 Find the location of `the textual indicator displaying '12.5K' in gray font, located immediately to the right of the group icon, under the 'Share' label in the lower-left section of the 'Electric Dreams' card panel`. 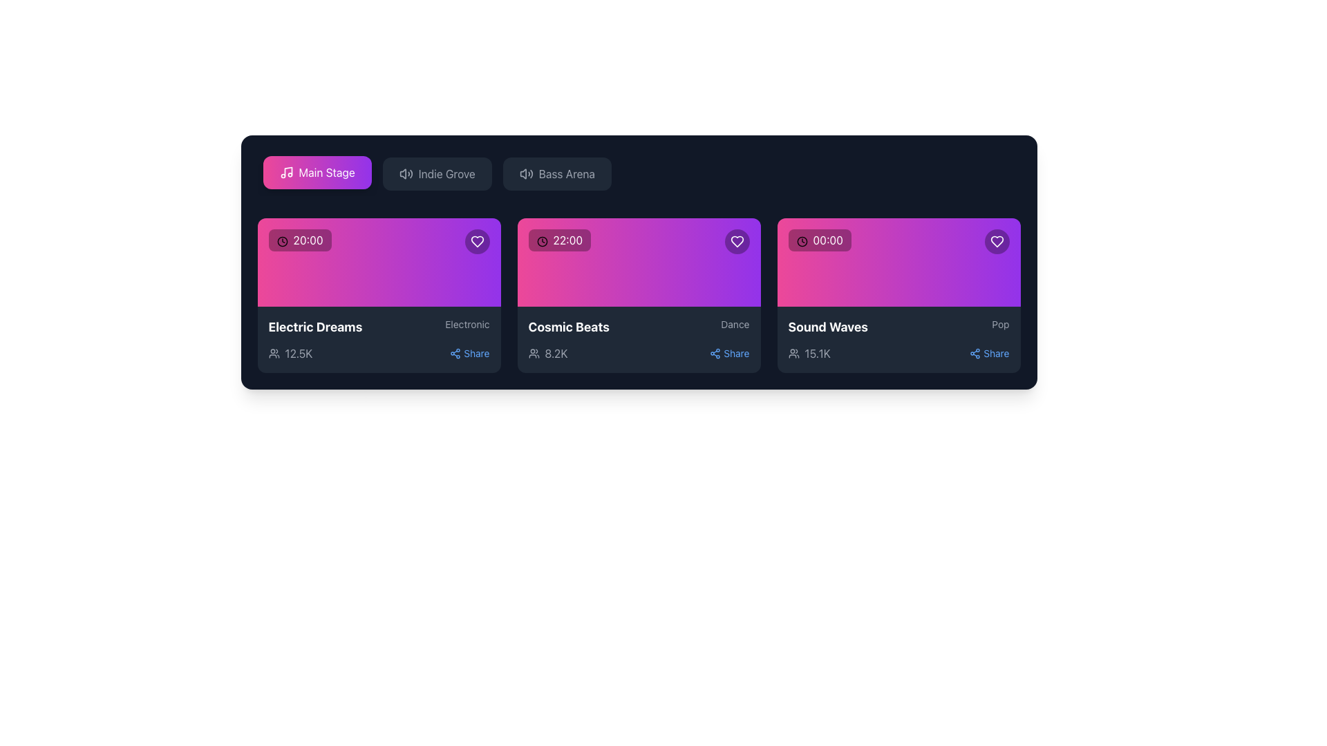

the textual indicator displaying '12.5K' in gray font, located immediately to the right of the group icon, under the 'Share' label in the lower-left section of the 'Electric Dreams' card panel is located at coordinates (290, 353).